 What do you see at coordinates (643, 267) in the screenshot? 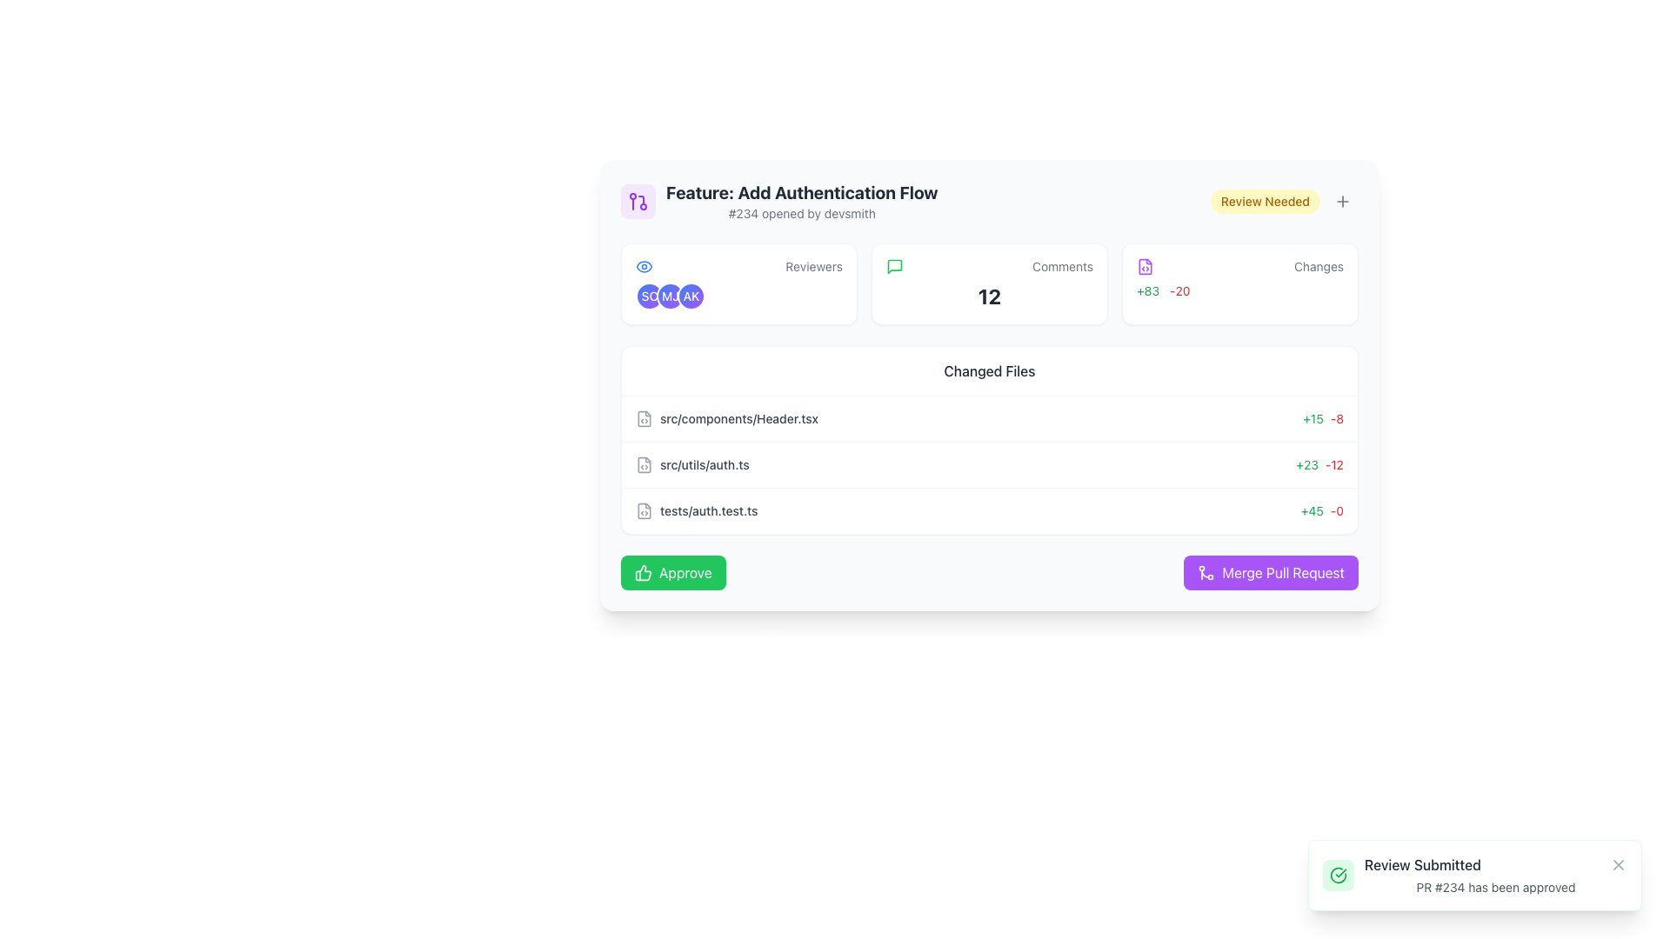
I see `the stylized blue eye icon located near the top-left corner of the 'Reviewers' grouping box` at bounding box center [643, 267].